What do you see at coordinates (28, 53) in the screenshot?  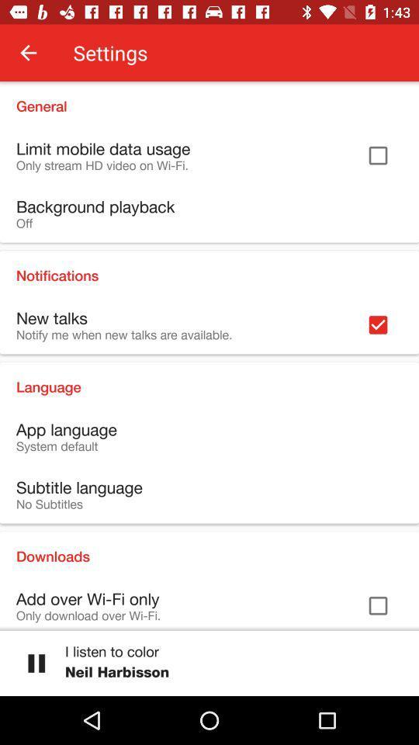 I see `item next to the settings` at bounding box center [28, 53].